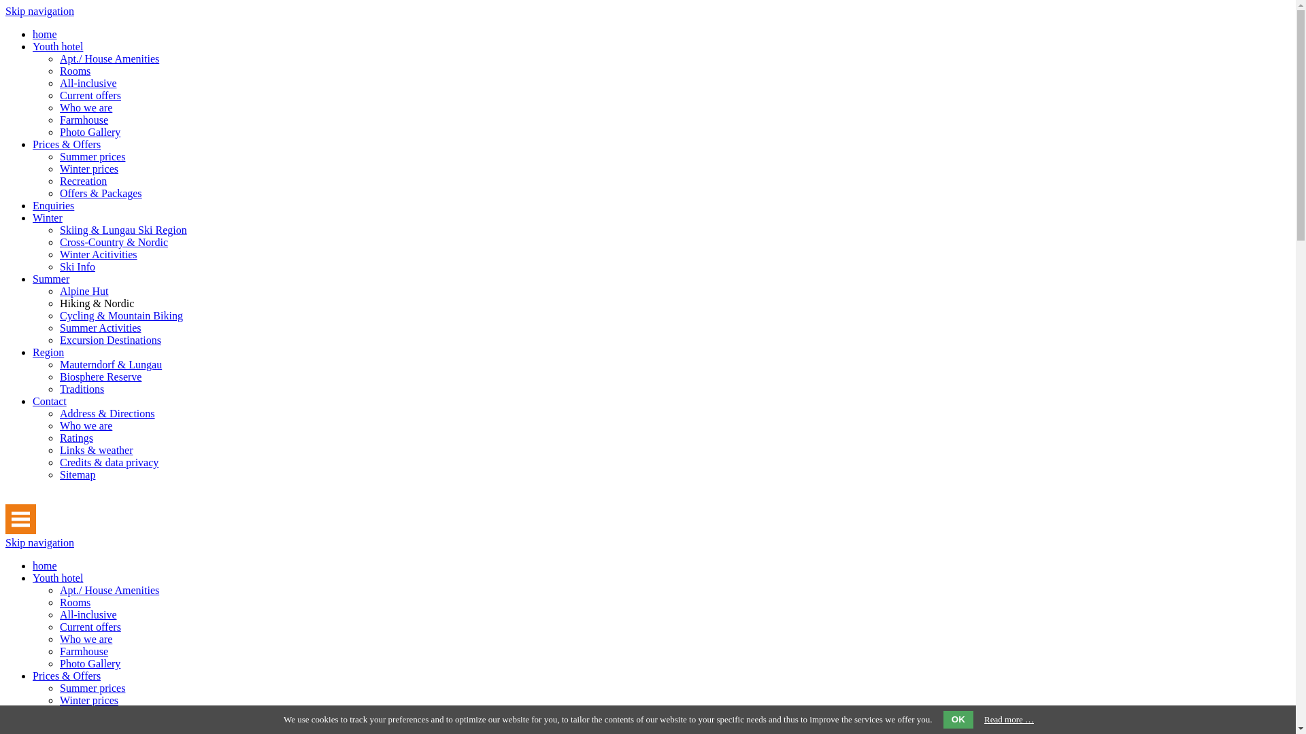 Image resolution: width=1306 pixels, height=734 pixels. I want to click on 'Farmhouse', so click(58, 650).